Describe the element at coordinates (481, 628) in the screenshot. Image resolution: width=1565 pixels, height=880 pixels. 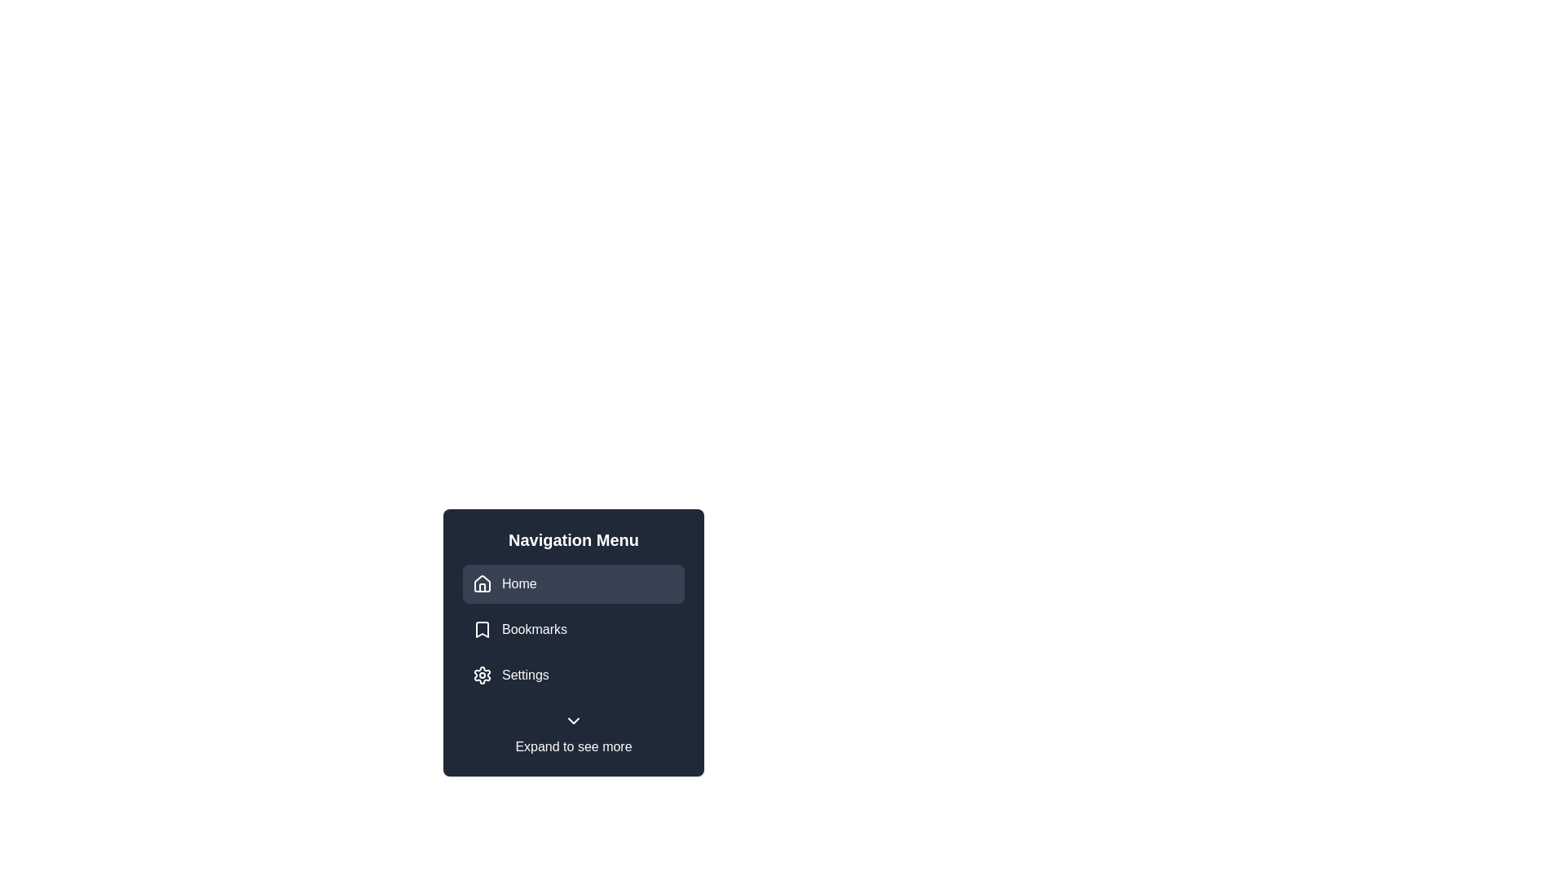
I see `the bookmark icon` at that location.